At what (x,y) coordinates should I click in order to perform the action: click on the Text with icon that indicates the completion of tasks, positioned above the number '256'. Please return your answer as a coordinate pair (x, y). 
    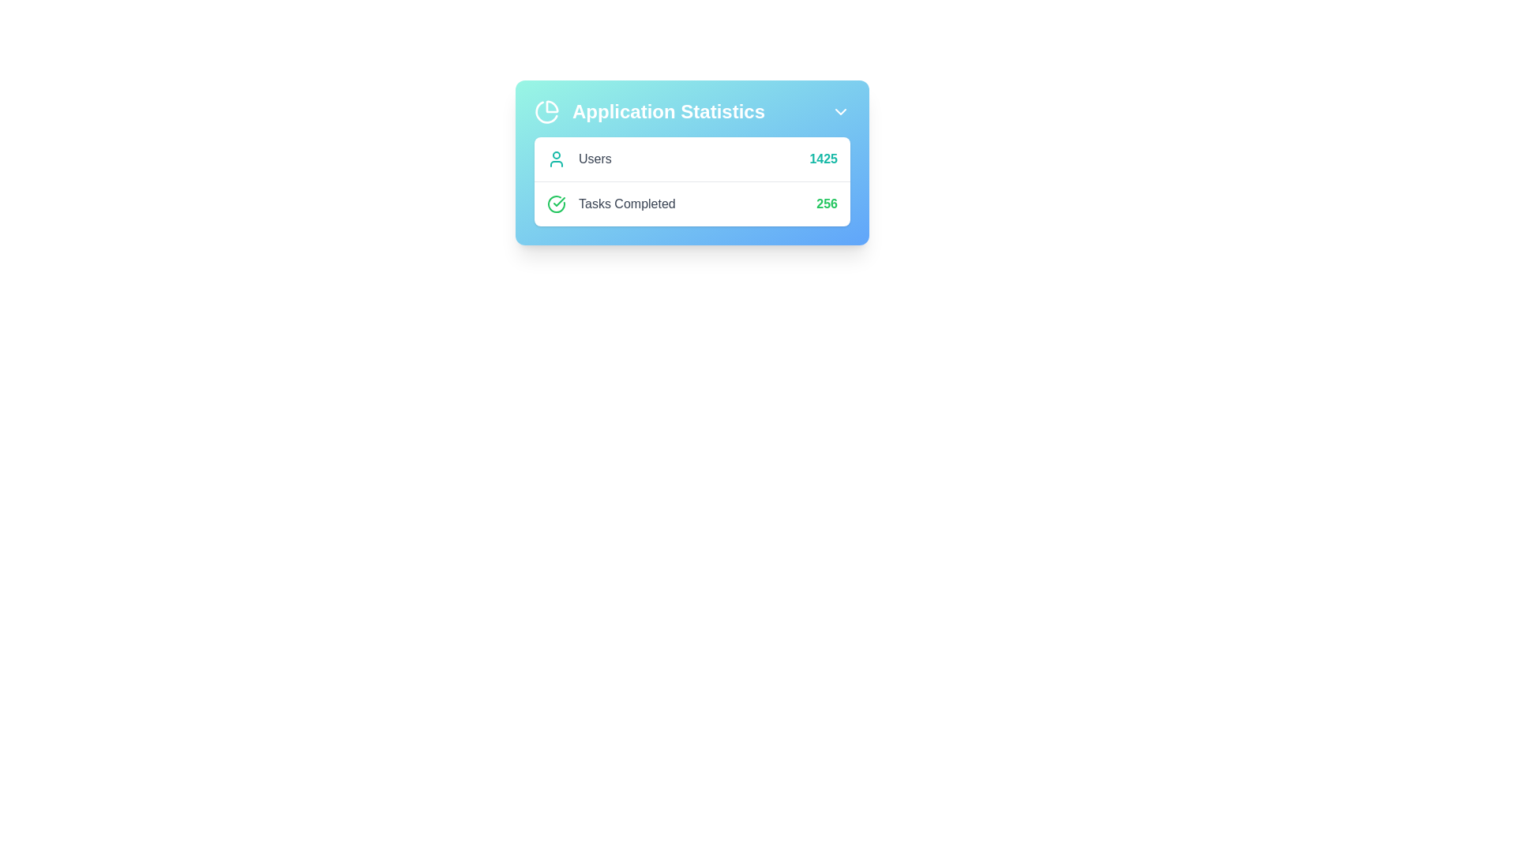
    Looking at the image, I should click on (610, 203).